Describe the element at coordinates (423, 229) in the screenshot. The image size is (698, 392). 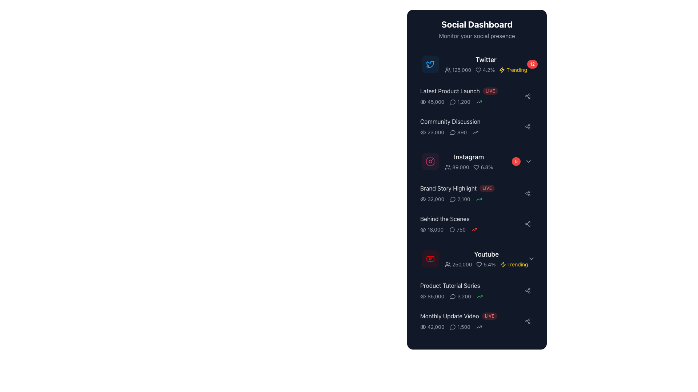
I see `the visibility indicator icon located in the 'Behind the Scenes' section of the dashboard, positioned to the left of the numerical value '18,000'` at that location.